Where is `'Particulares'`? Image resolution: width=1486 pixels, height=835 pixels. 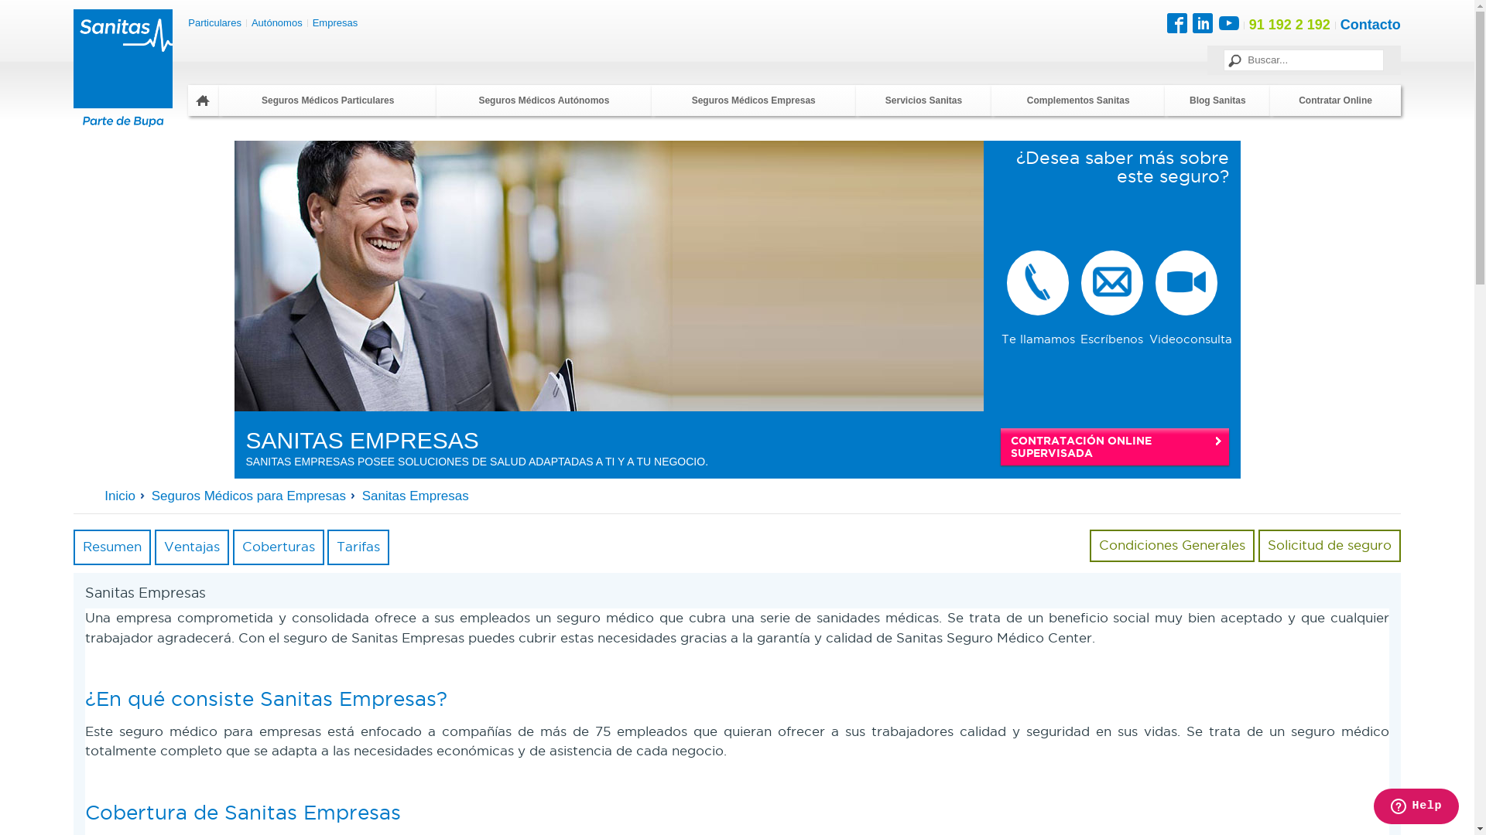 'Particulares' is located at coordinates (214, 22).